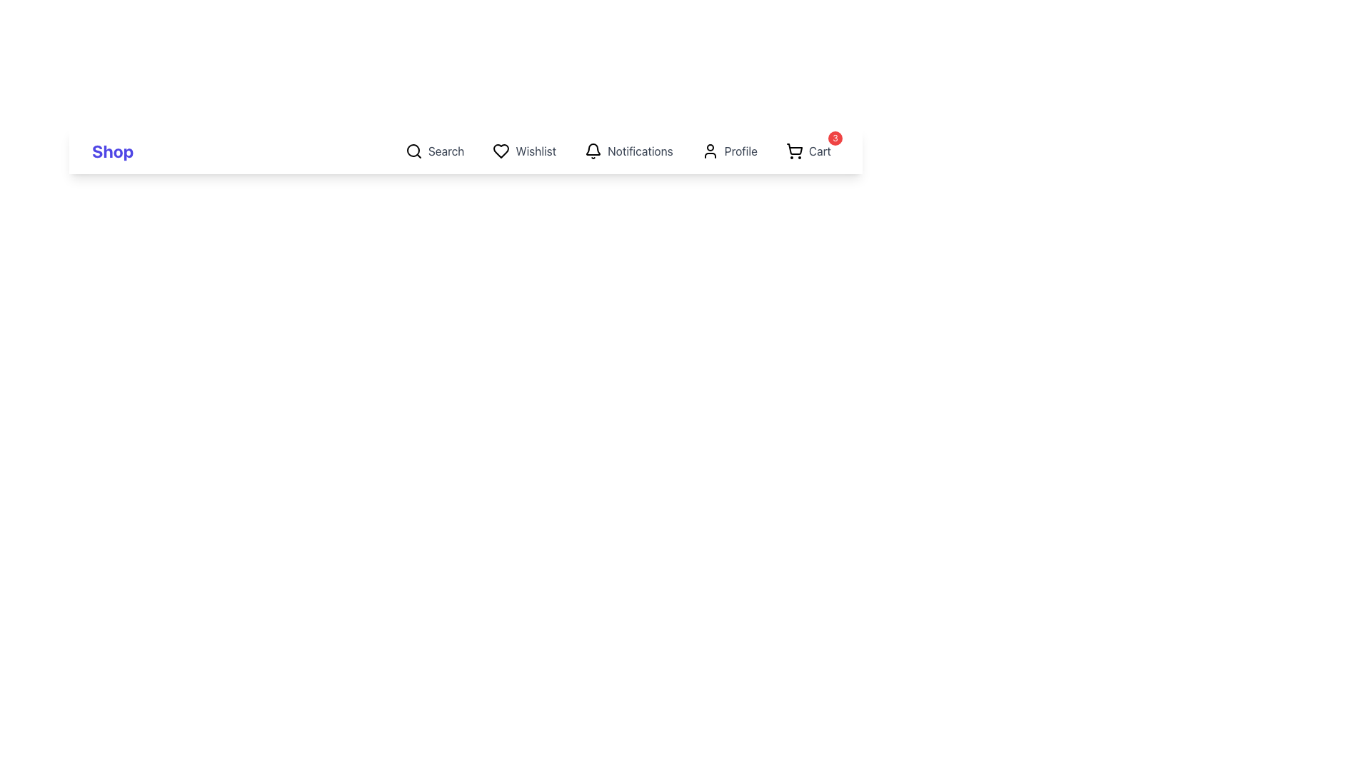 The height and width of the screenshot is (771, 1371). What do you see at coordinates (794, 149) in the screenshot?
I see `the shopping cart icon located in the top-right section of the navigation bar to proceed to the shopping cart page` at bounding box center [794, 149].